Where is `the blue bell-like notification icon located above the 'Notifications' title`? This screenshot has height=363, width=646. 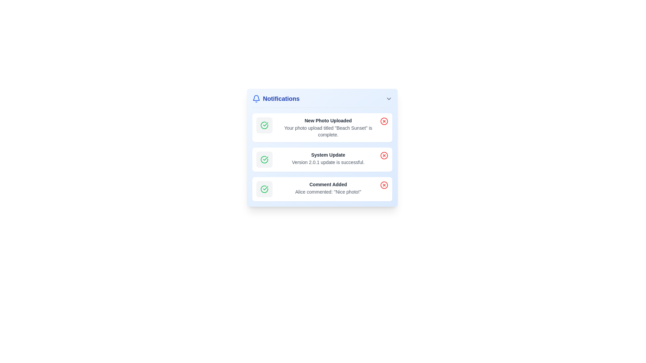
the blue bell-like notification icon located above the 'Notifications' title is located at coordinates (256, 98).